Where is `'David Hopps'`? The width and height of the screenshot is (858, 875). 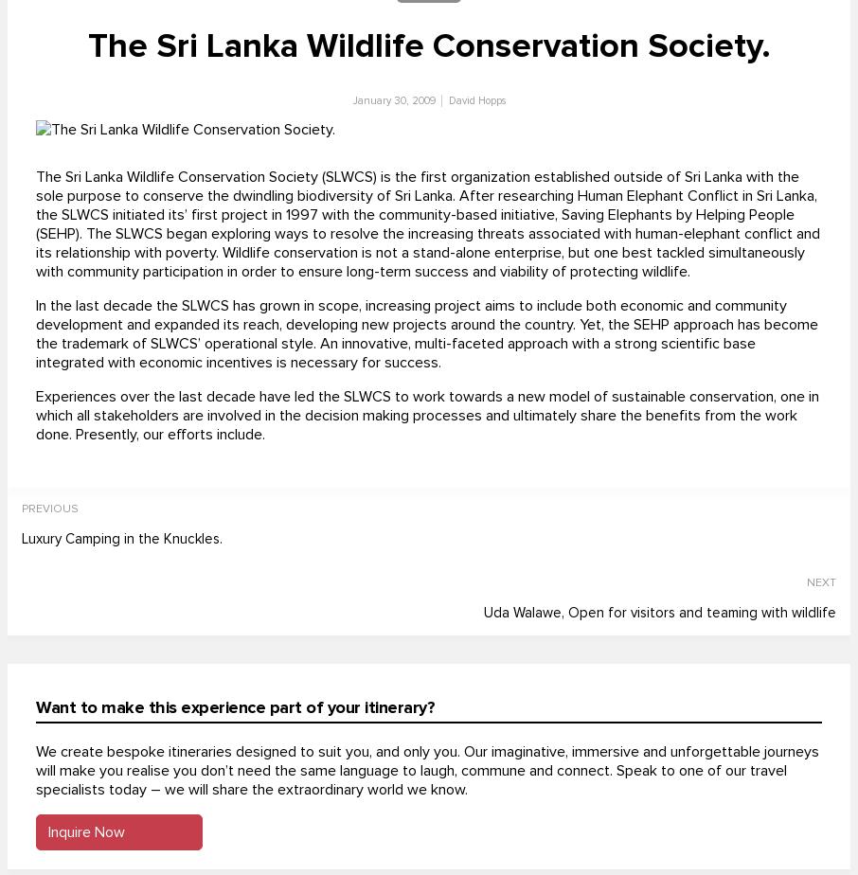 'David Hopps' is located at coordinates (476, 100).